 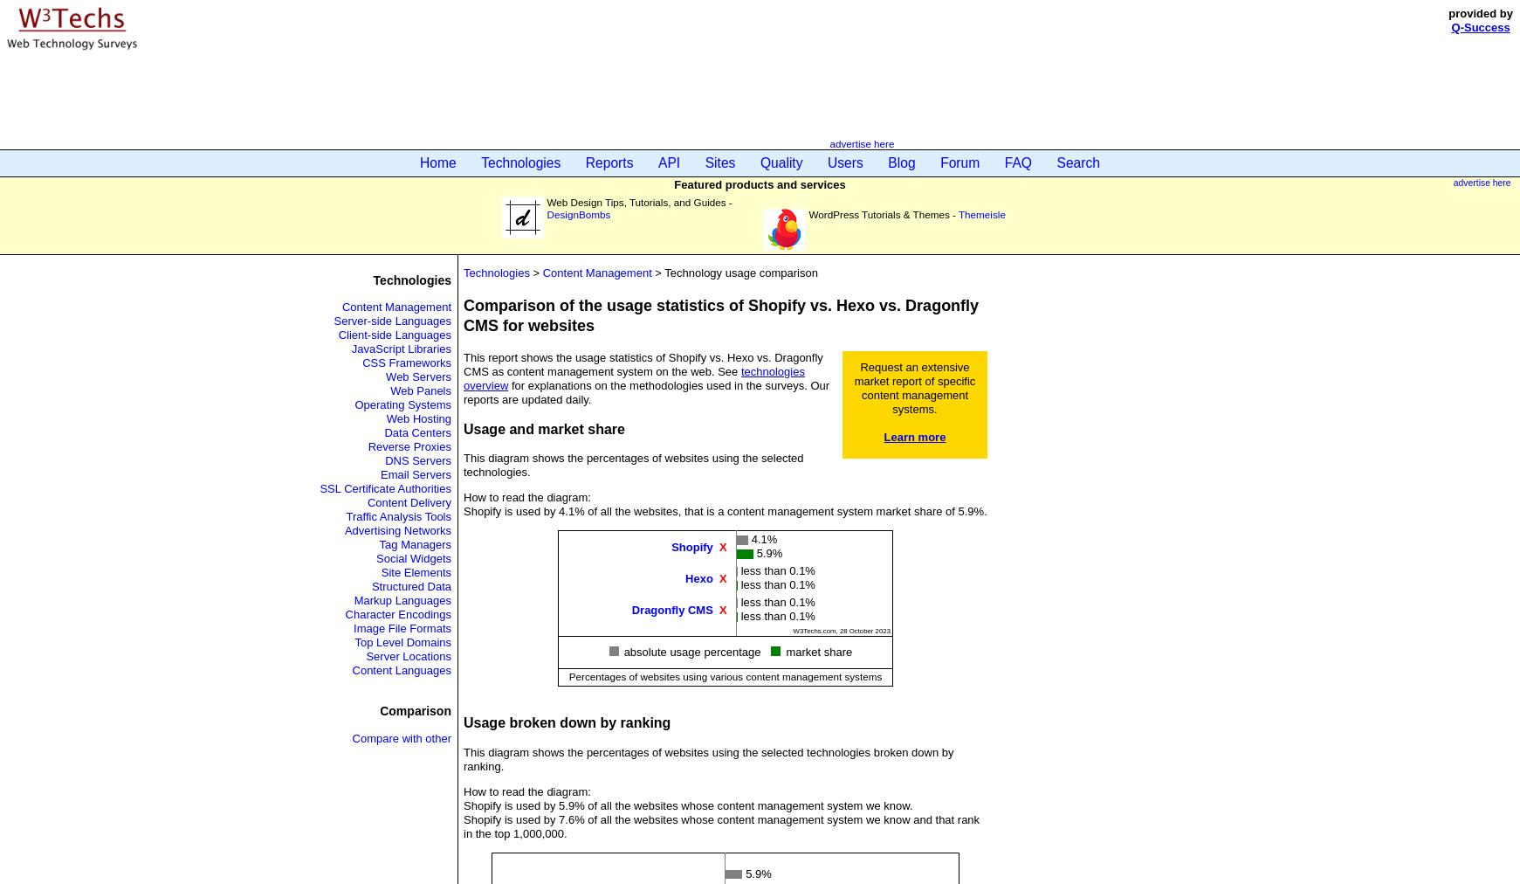 What do you see at coordinates (758, 183) in the screenshot?
I see `'Featured products and services'` at bounding box center [758, 183].